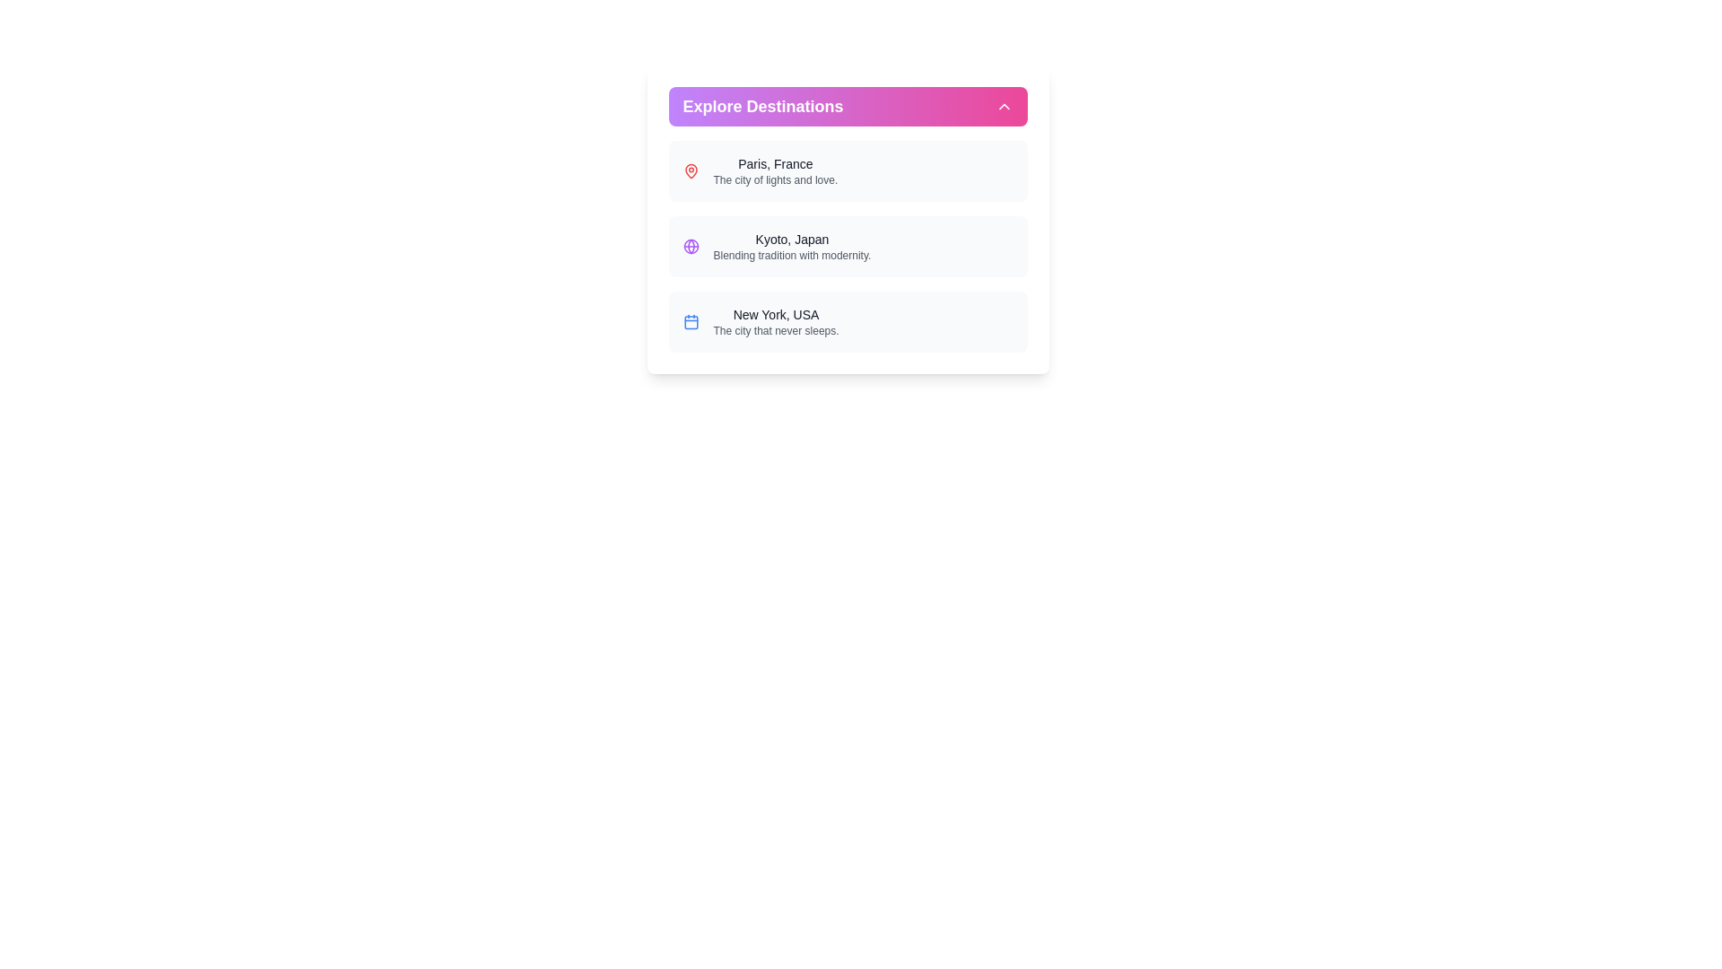 The height and width of the screenshot is (969, 1722). I want to click on the small red-colored pin icon styled as a map pin, located to the left of the text label 'Paris, France' in the 'Explore Destinations' list, so click(690, 171).